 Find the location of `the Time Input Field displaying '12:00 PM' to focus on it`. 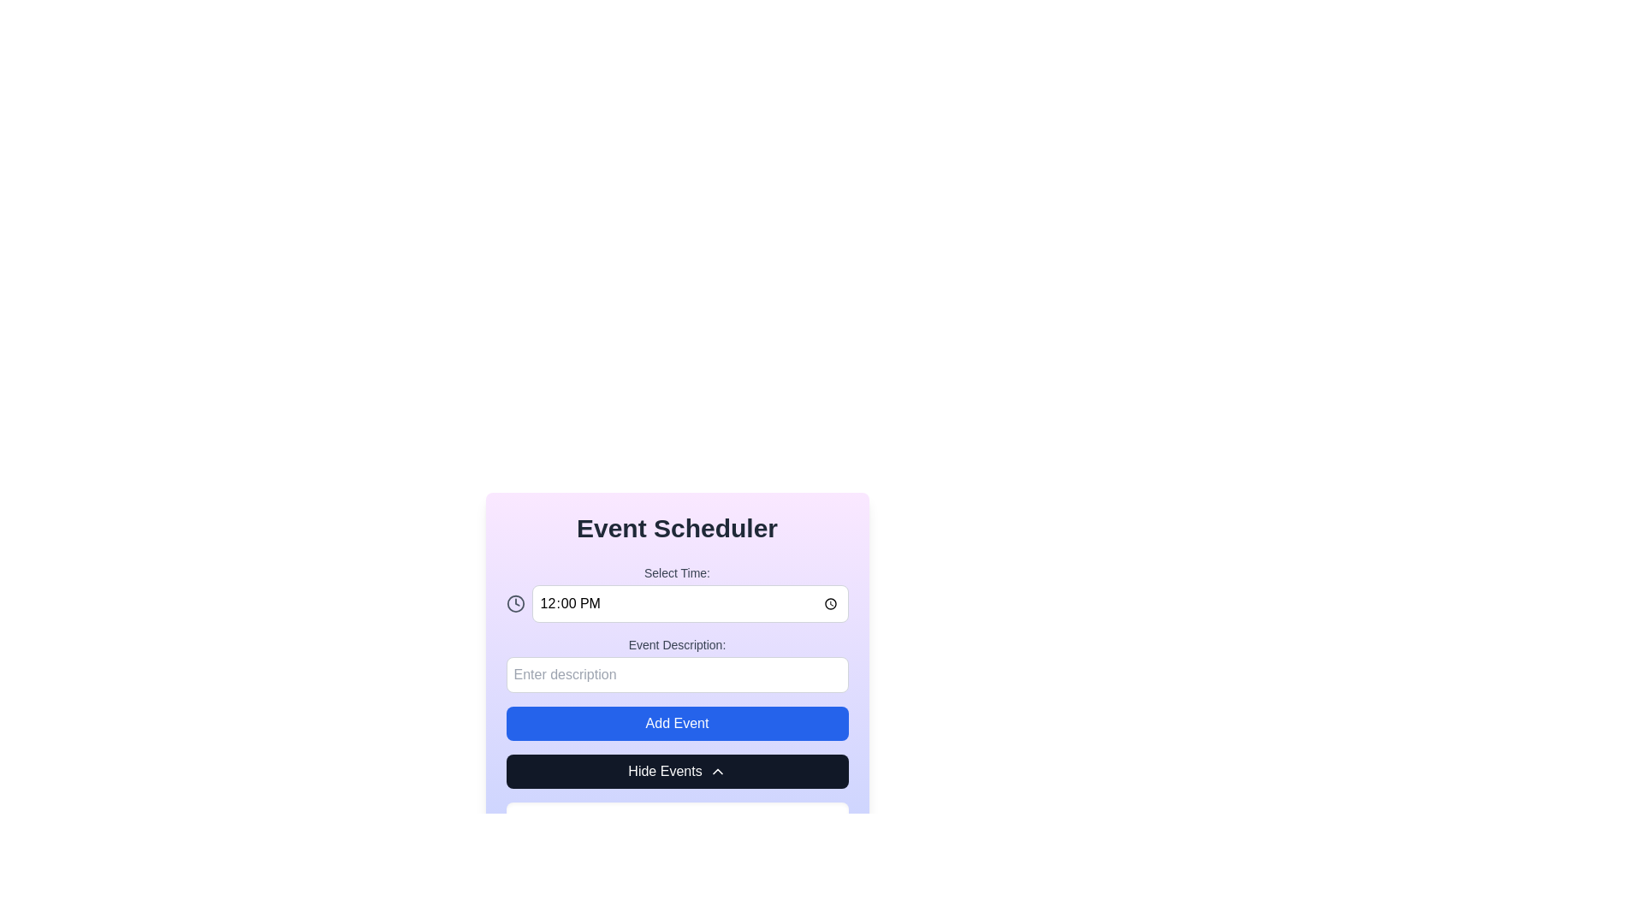

the Time Input Field displaying '12:00 PM' to focus on it is located at coordinates (690, 602).